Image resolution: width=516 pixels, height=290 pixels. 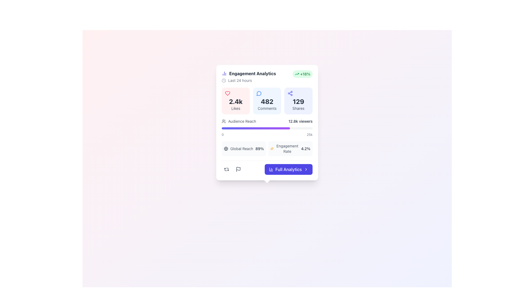 I want to click on displayed statistics from the Statistical display box with a light pink background, containing '2.4k Likes' and a heart icon, so click(x=236, y=101).